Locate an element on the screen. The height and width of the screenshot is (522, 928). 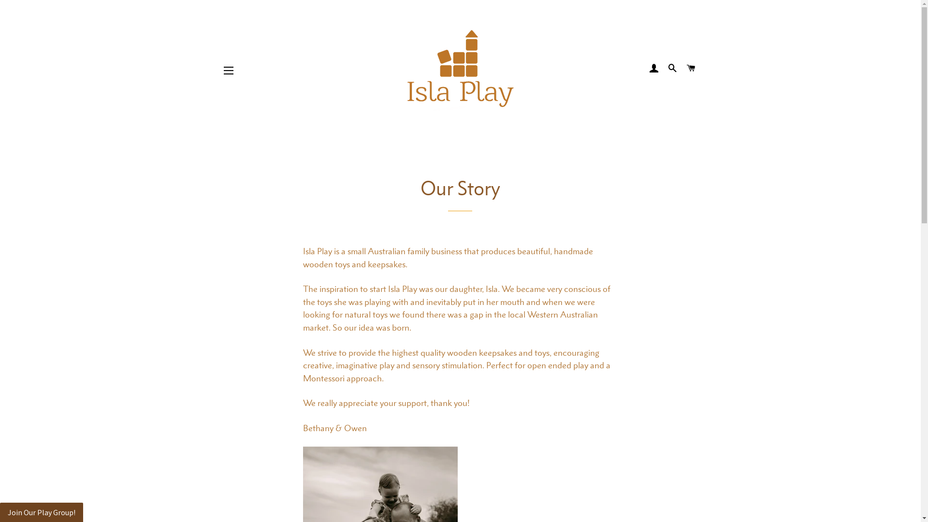
'CART' is located at coordinates (682, 68).